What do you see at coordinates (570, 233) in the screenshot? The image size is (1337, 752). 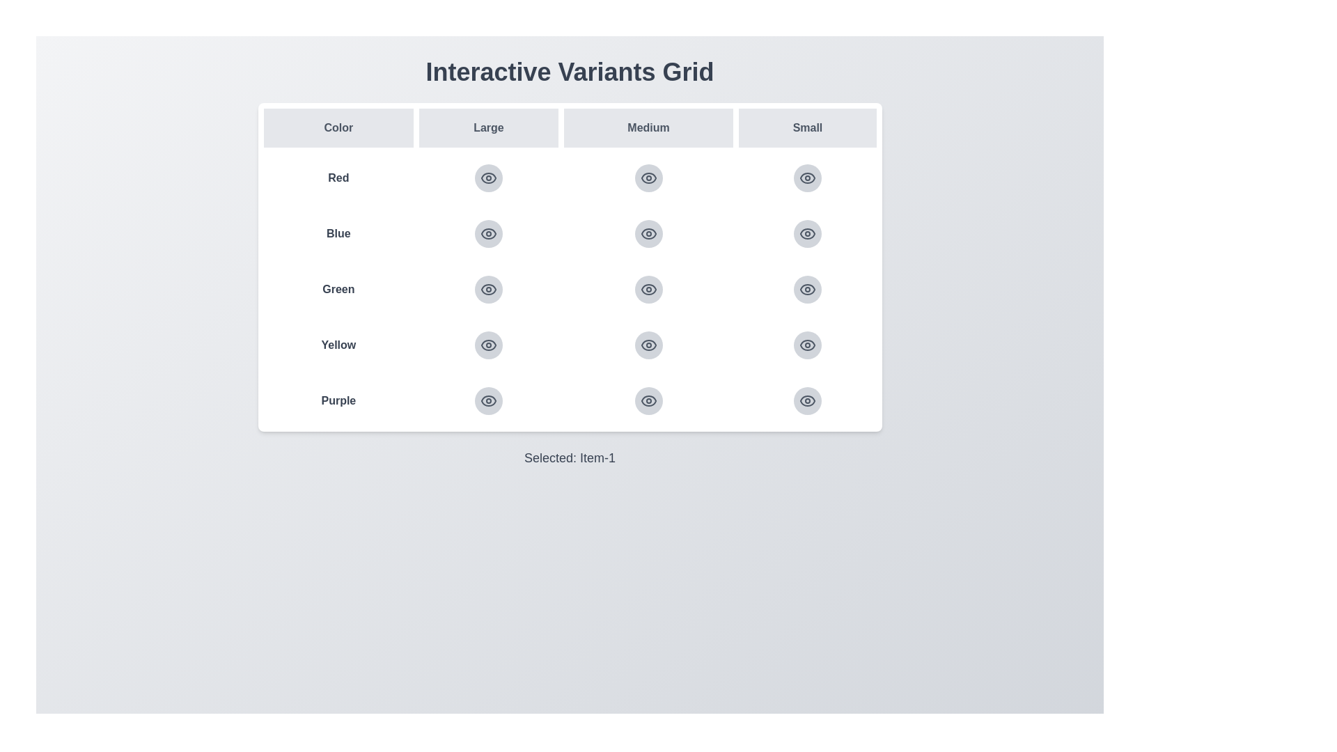 I see `the options in the second row of the table labeled 'Blue', which is located between the 'Red' and 'Green' rows` at bounding box center [570, 233].